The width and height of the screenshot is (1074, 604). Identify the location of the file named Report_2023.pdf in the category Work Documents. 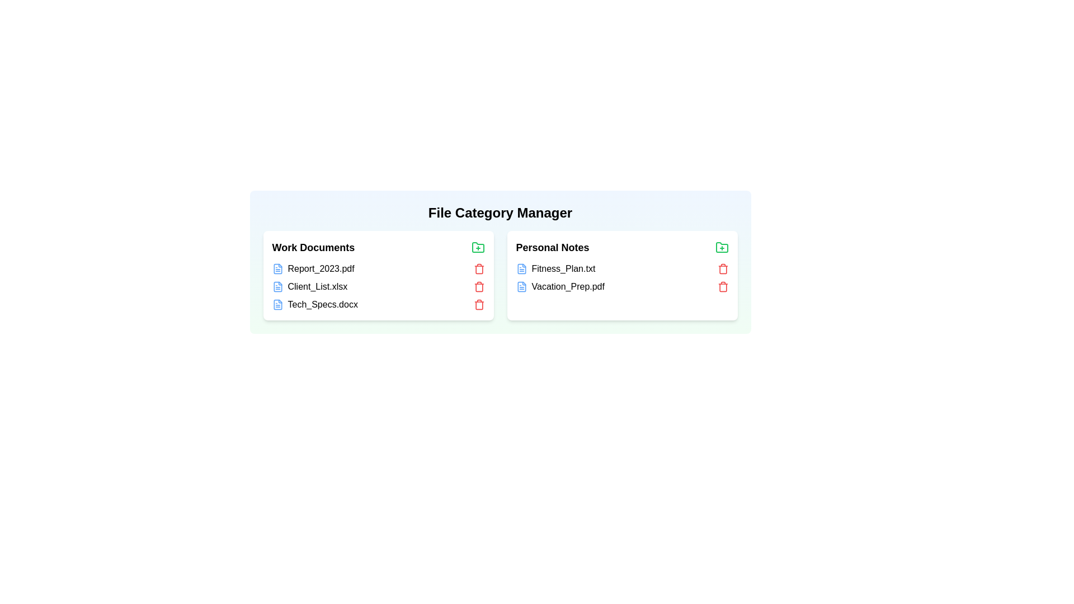
(313, 268).